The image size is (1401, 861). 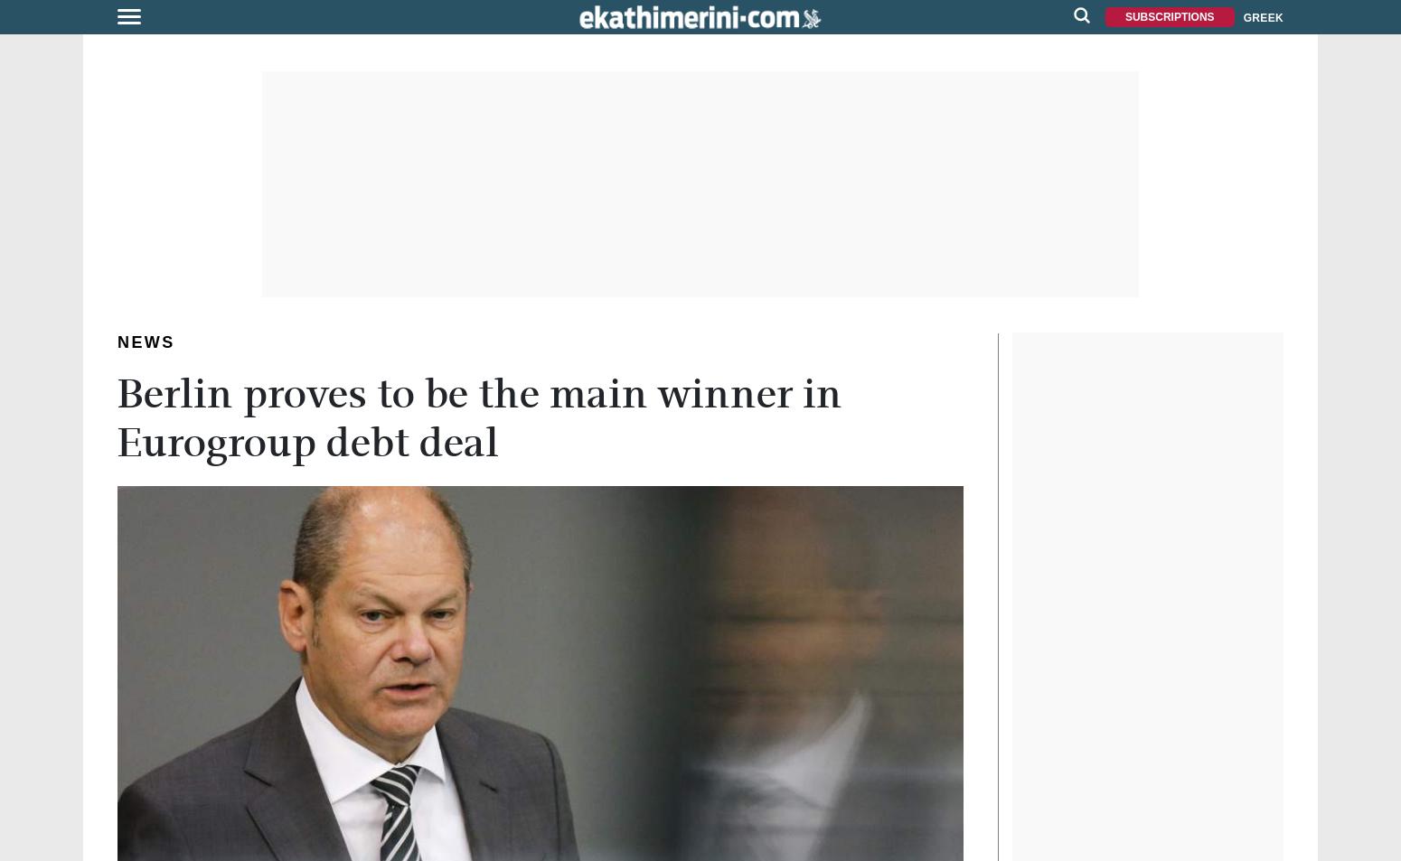 What do you see at coordinates (62, 374) in the screenshot?
I see `'SPECIAL REPORT'` at bounding box center [62, 374].